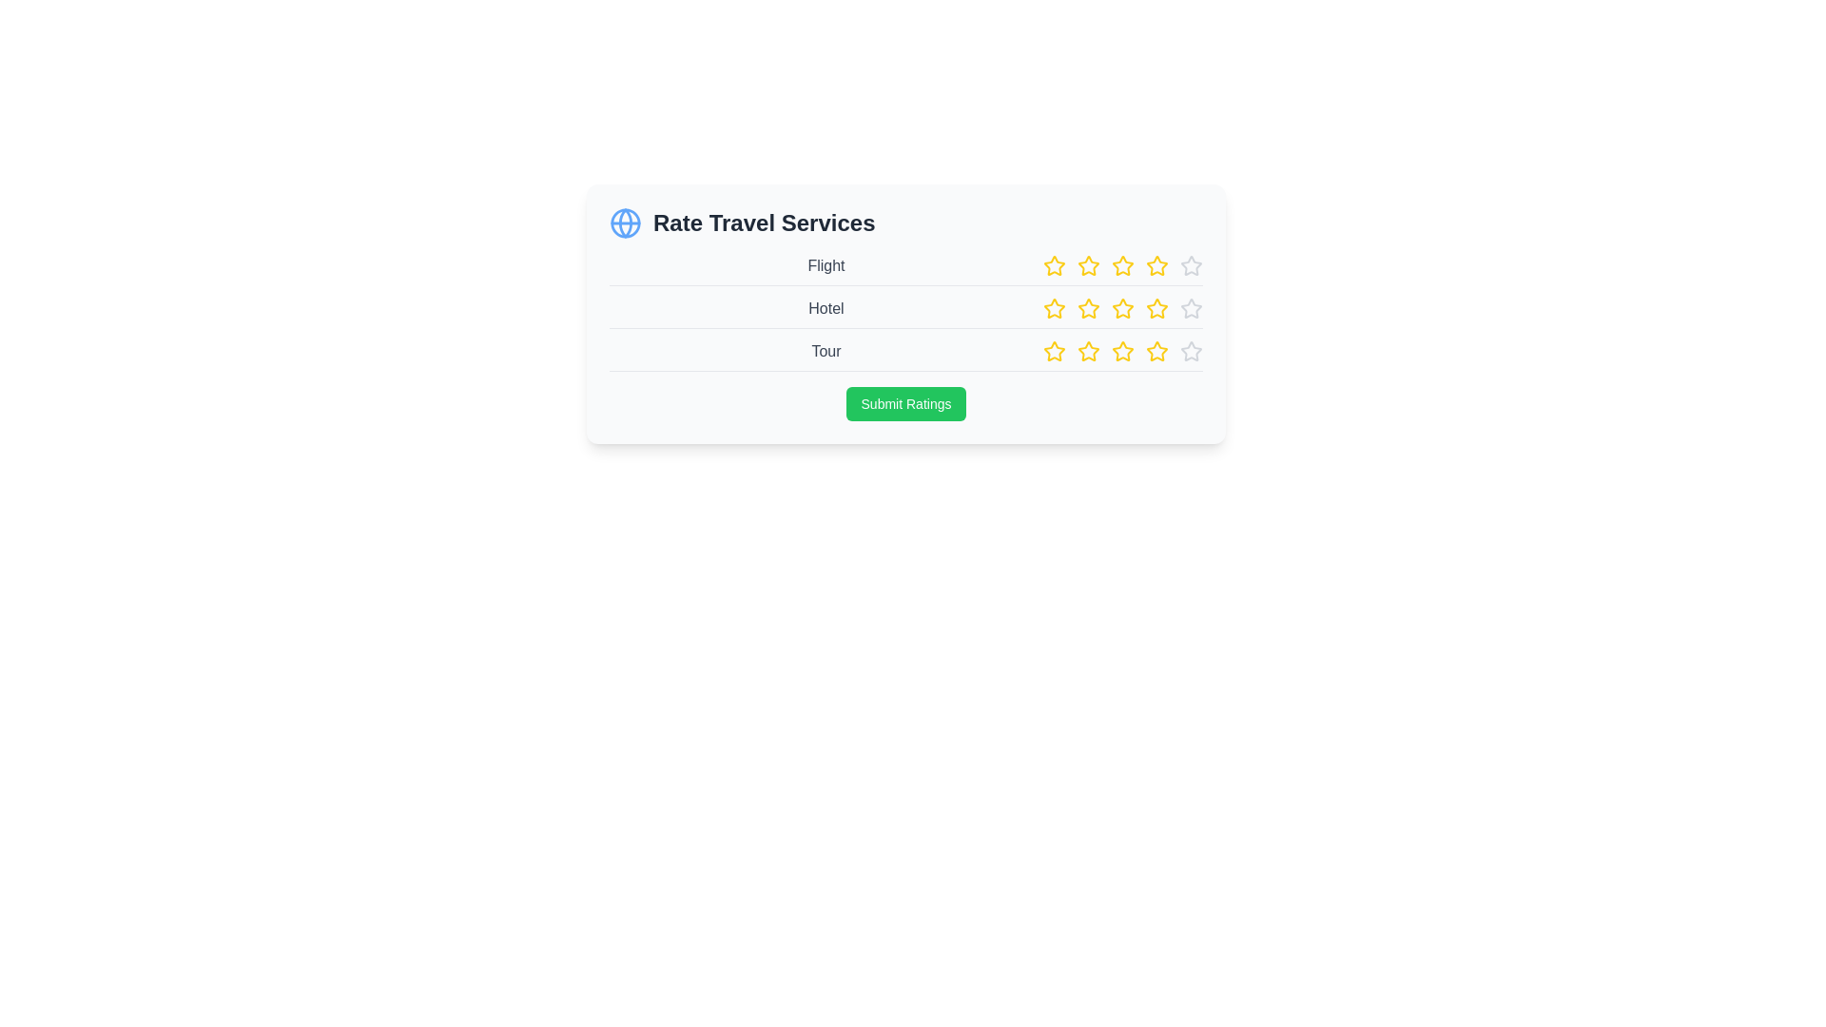  Describe the element at coordinates (1122, 307) in the screenshot. I see `a star in the Rating Component under 'Rate Travel Services' labeled 'Hotel'` at that location.